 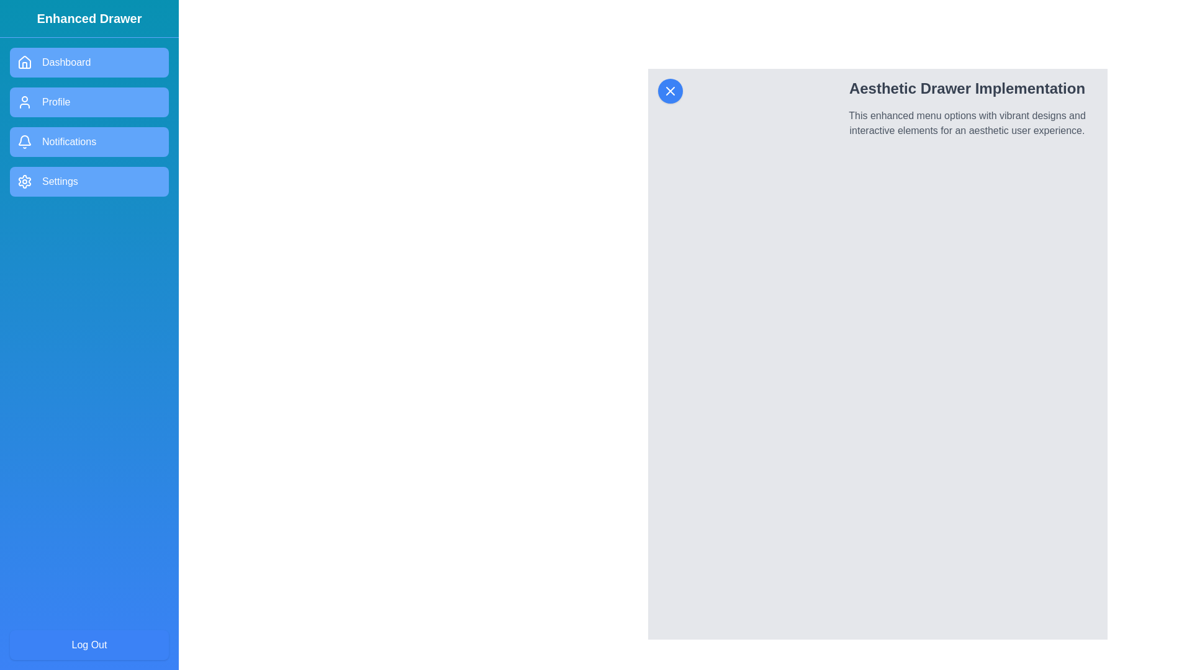 I want to click on the bell-shaped notification icon with a blue background and line-drawn outline, located in the 'Notifications' menu option, which is the third item in the vertical sidebar navigation menu, so click(x=24, y=141).